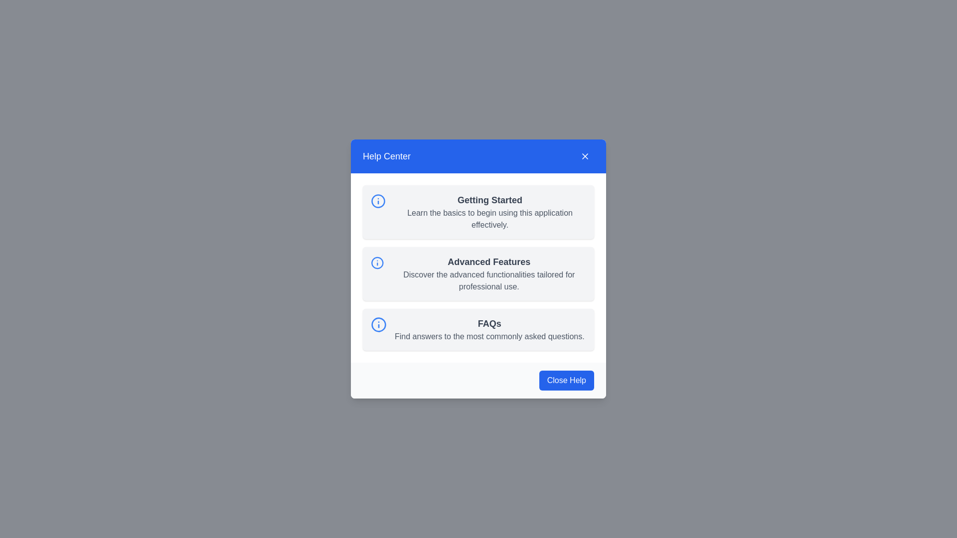 This screenshot has width=957, height=538. Describe the element at coordinates (478, 274) in the screenshot. I see `description of the informational list item labeled 'Advanced Features' which is the second item in the help center list, featuring a blue circular info icon on the left and the title and subtitle on the right` at that location.